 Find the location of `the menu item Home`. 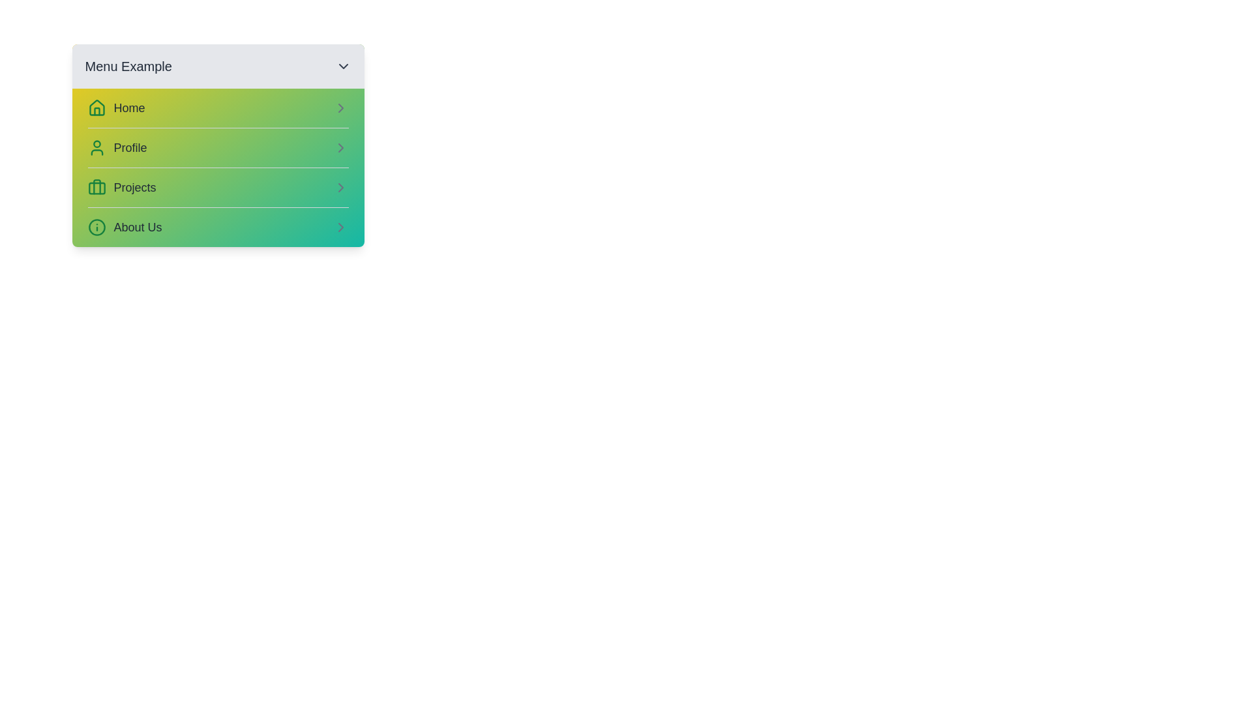

the menu item Home is located at coordinates (218, 107).